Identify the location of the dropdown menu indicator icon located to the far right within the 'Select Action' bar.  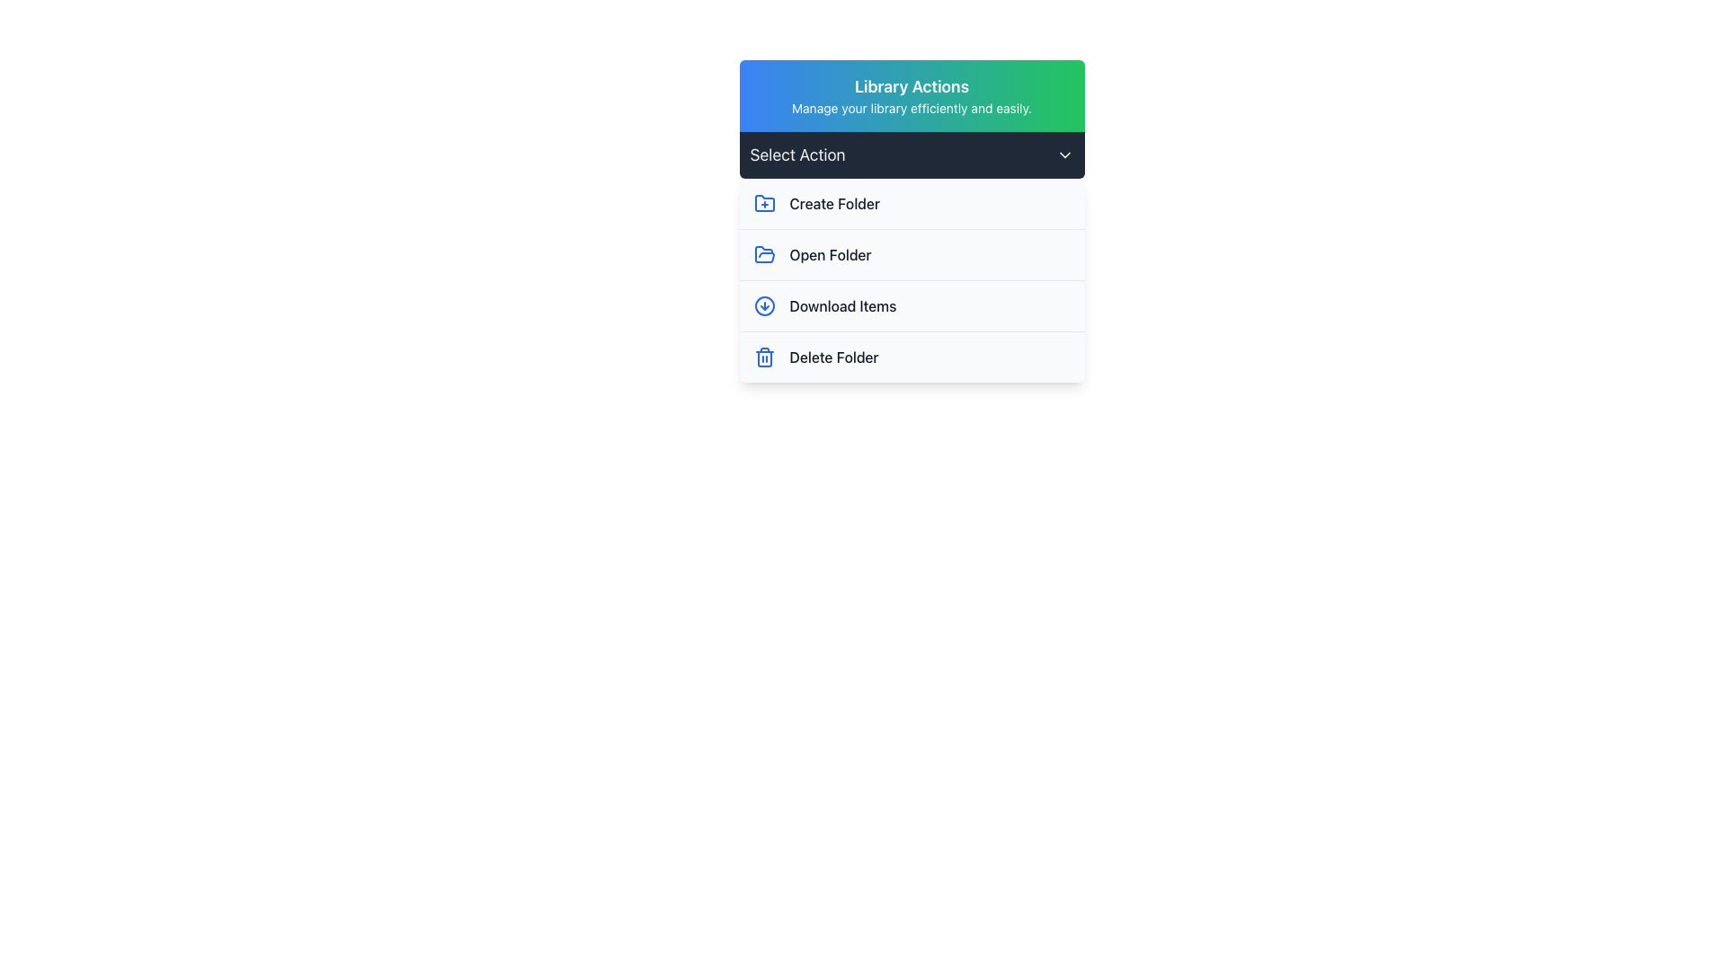
(1064, 154).